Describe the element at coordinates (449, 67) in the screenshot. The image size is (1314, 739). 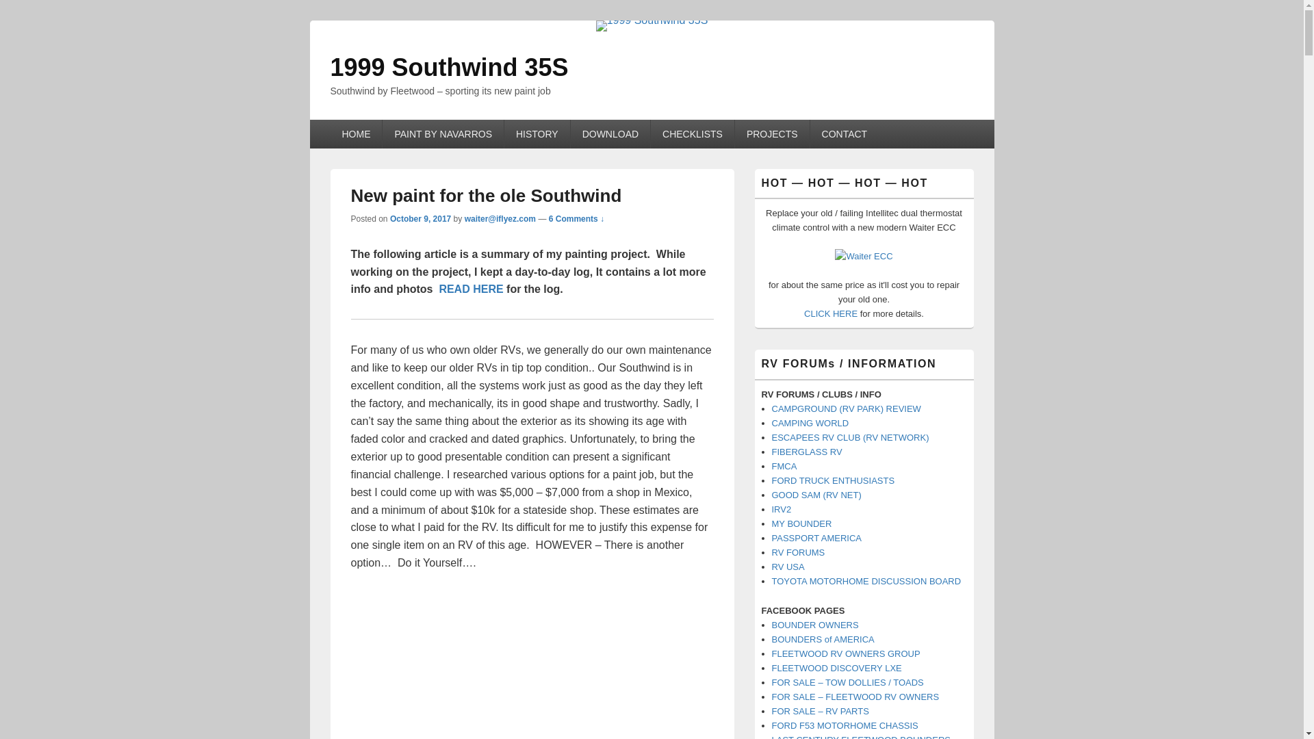
I see `'1999 Southwind 35S'` at that location.